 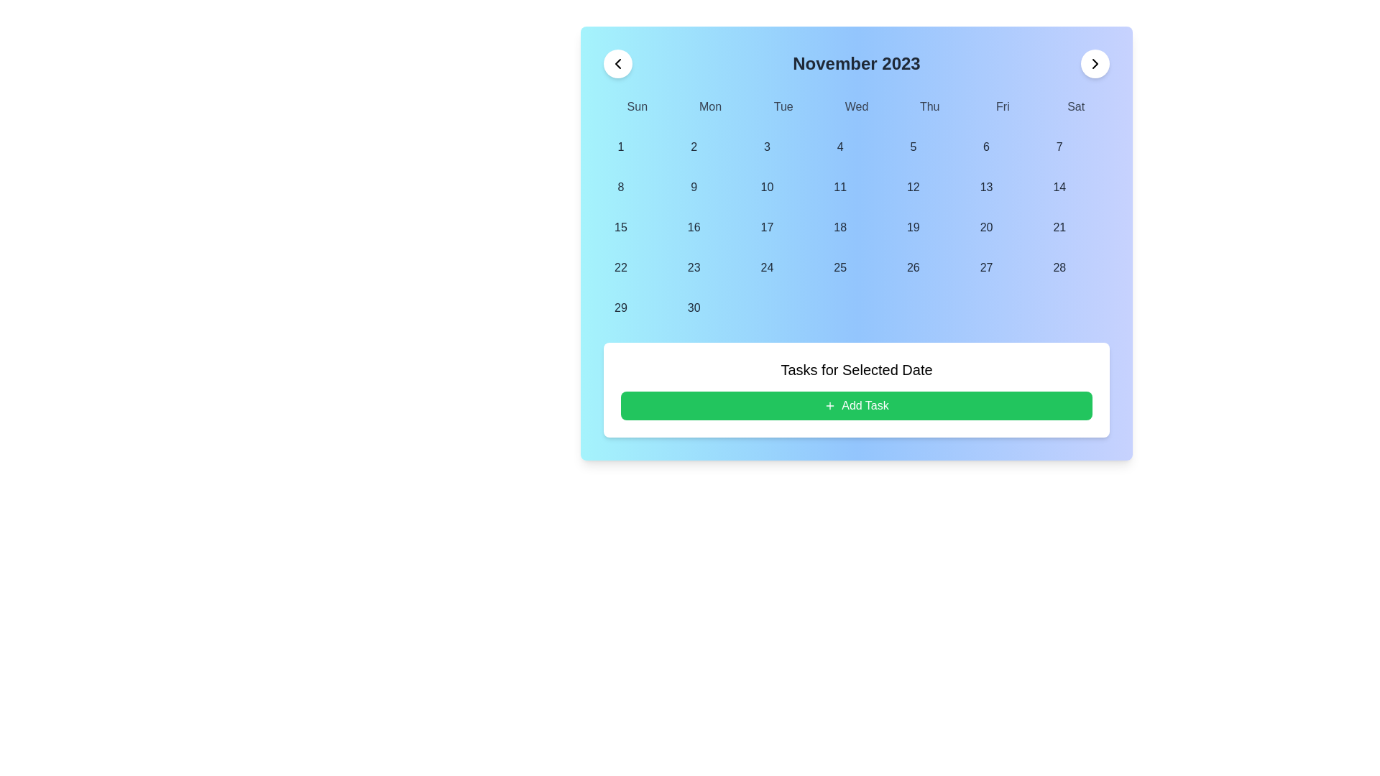 What do you see at coordinates (985, 226) in the screenshot?
I see `the button representing the 20th day of the month in the calendar` at bounding box center [985, 226].